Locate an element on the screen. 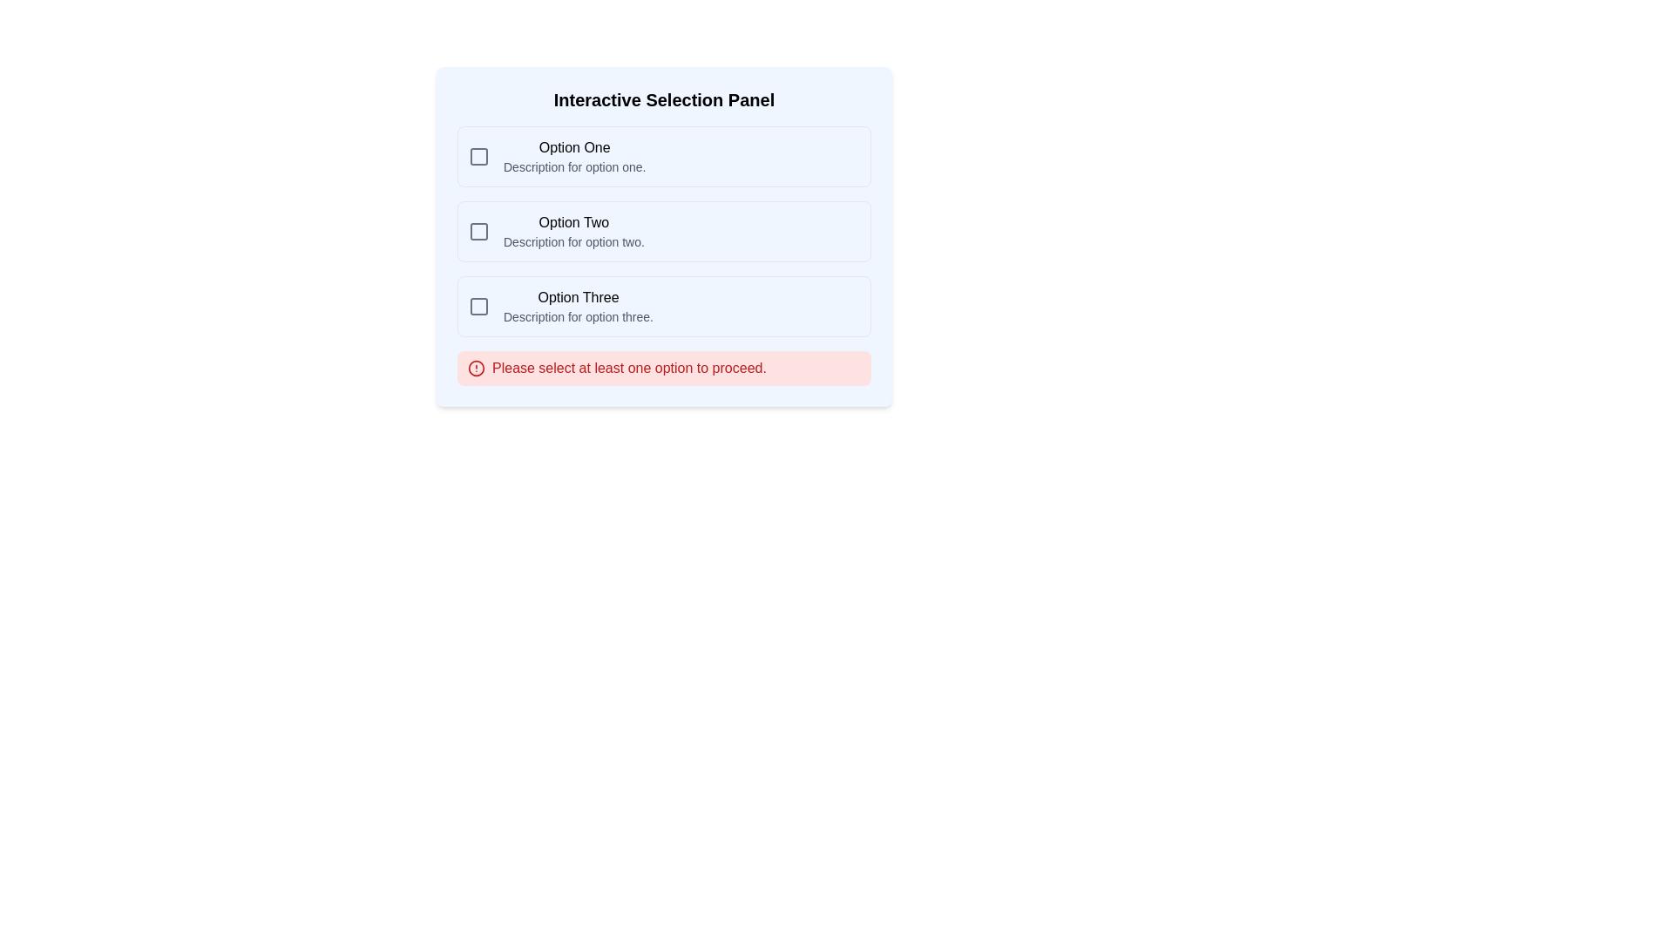  text of the bold title in the second option of the selection list, located between 'Option One' and 'Option Three' is located at coordinates (573, 221).